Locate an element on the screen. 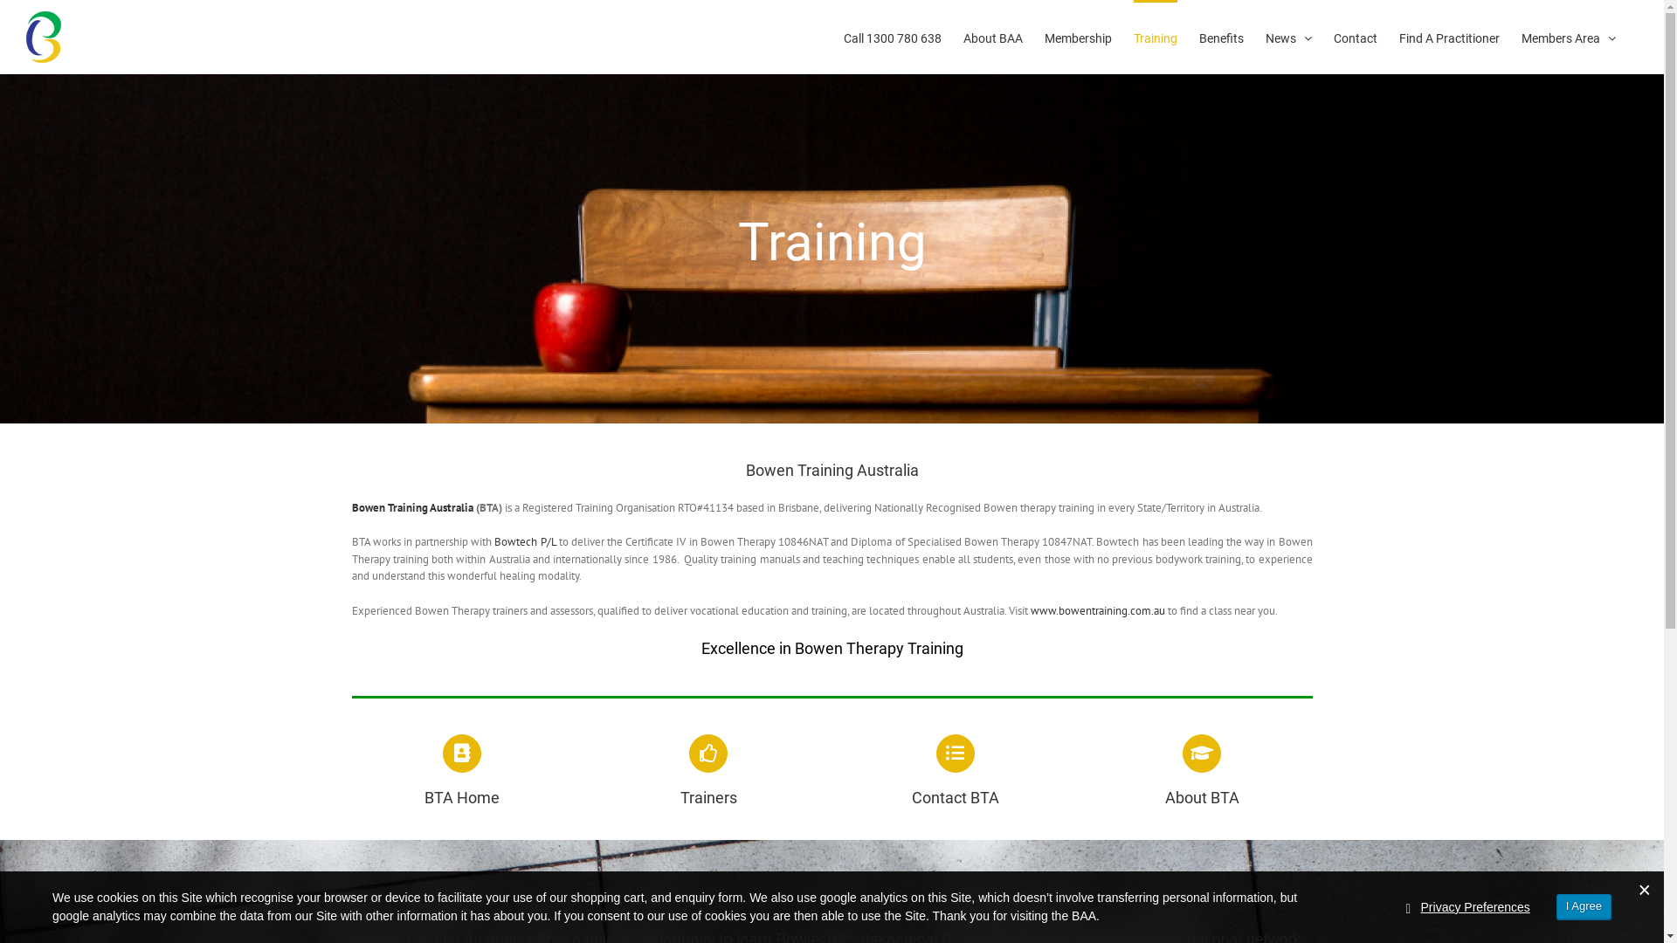 Image resolution: width=1677 pixels, height=943 pixels. 'BTA Home' is located at coordinates (461, 770).